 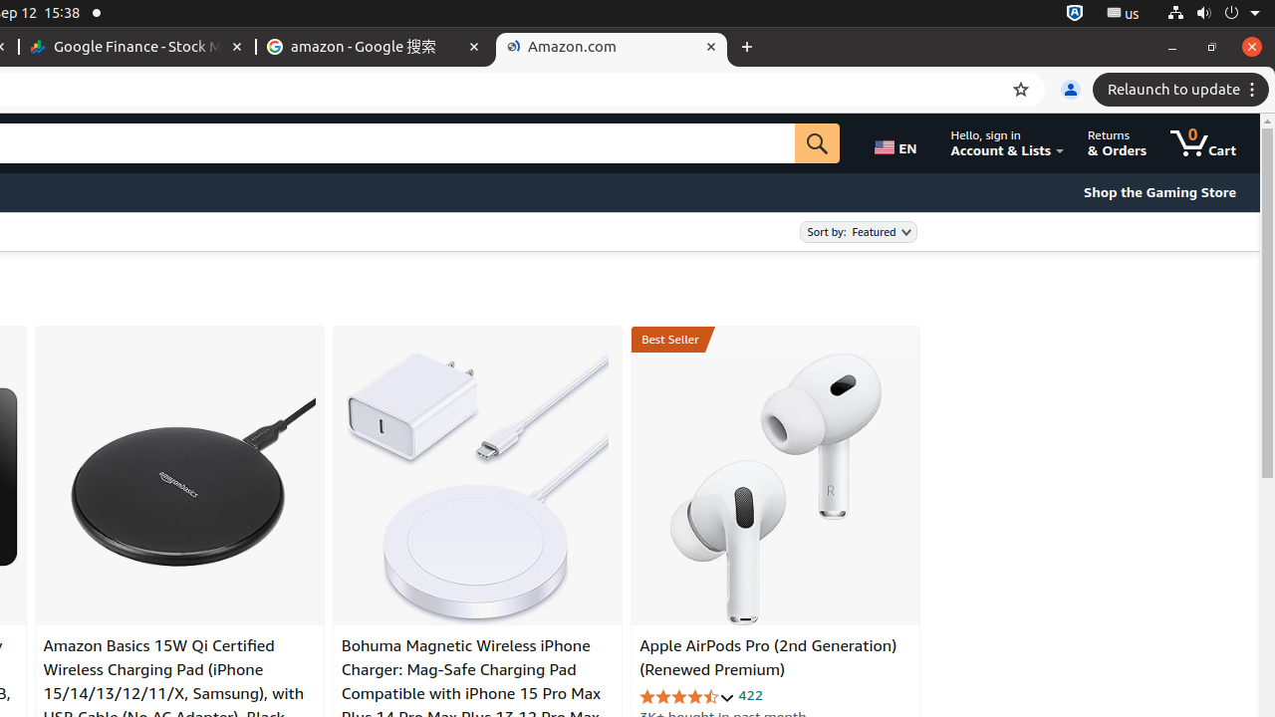 I want to click on 'System', so click(x=1212, y=13).